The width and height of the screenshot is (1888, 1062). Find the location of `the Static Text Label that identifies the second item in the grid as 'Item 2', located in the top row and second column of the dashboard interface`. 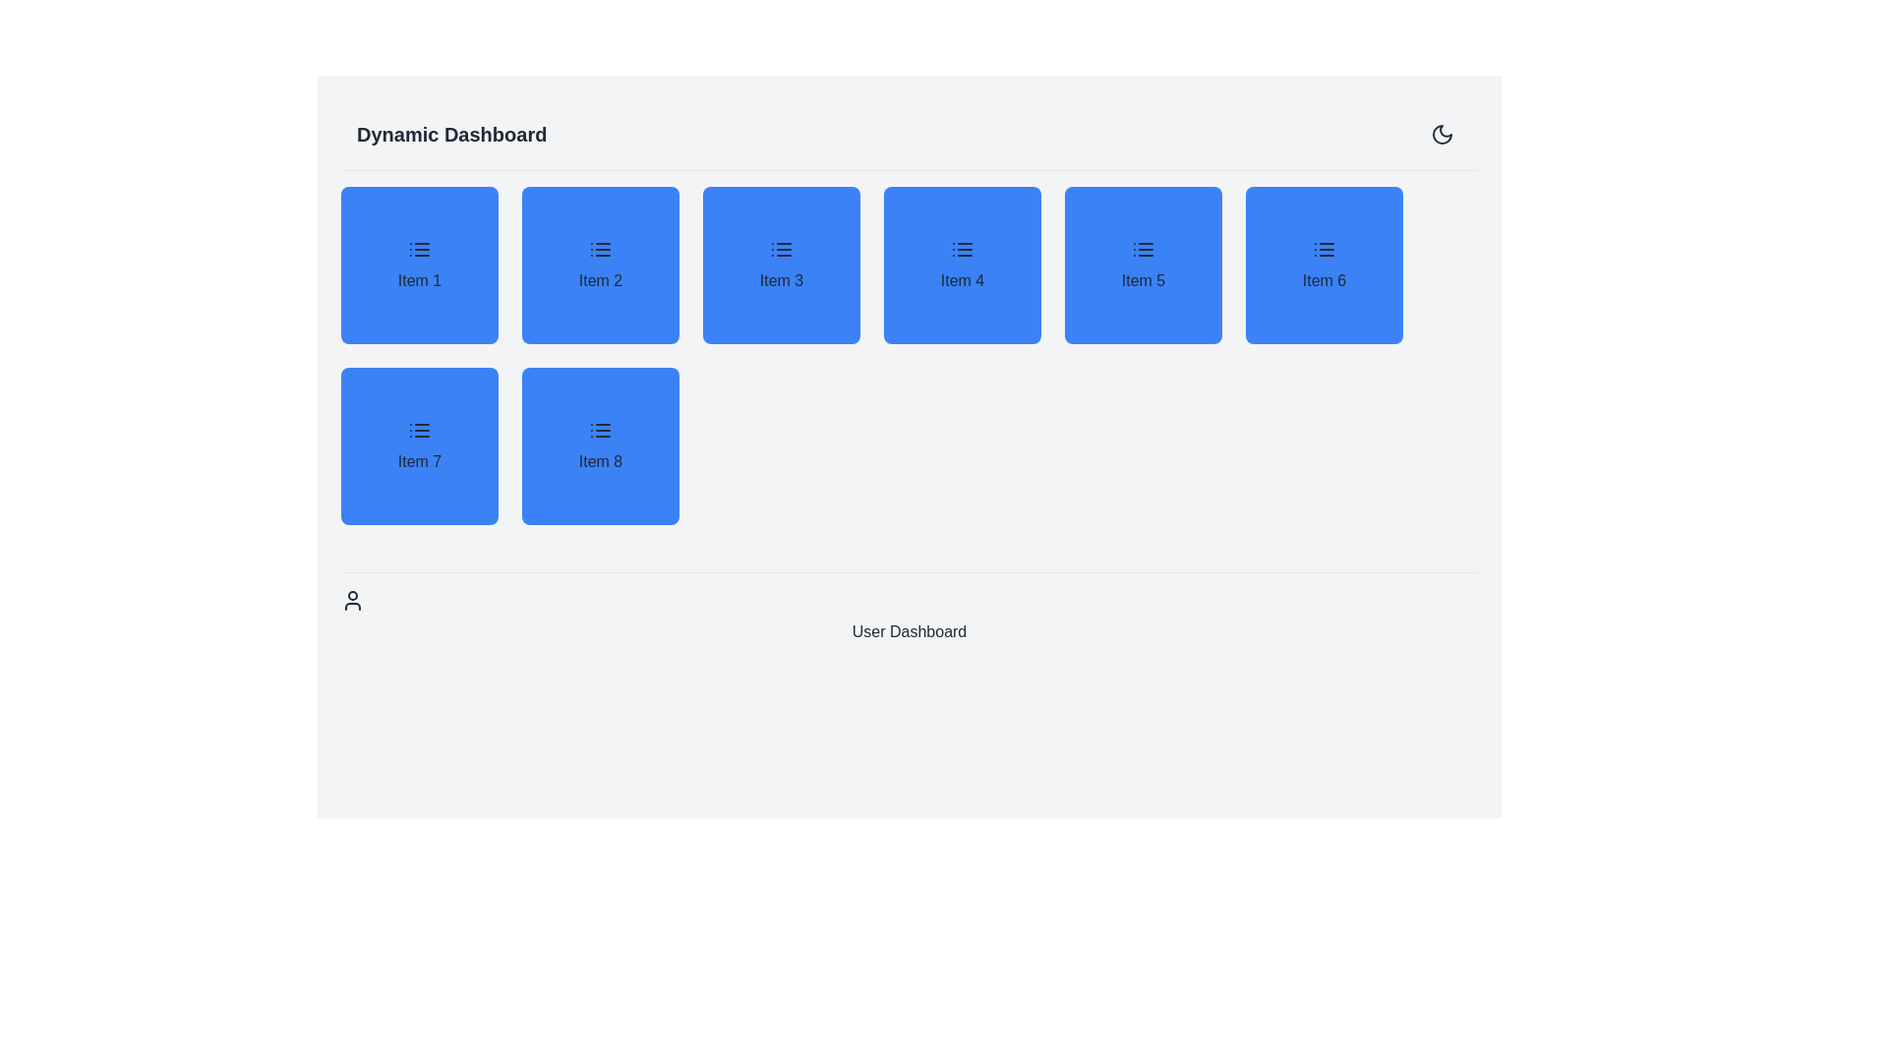

the Static Text Label that identifies the second item in the grid as 'Item 2', located in the top row and second column of the dashboard interface is located at coordinates (599, 280).